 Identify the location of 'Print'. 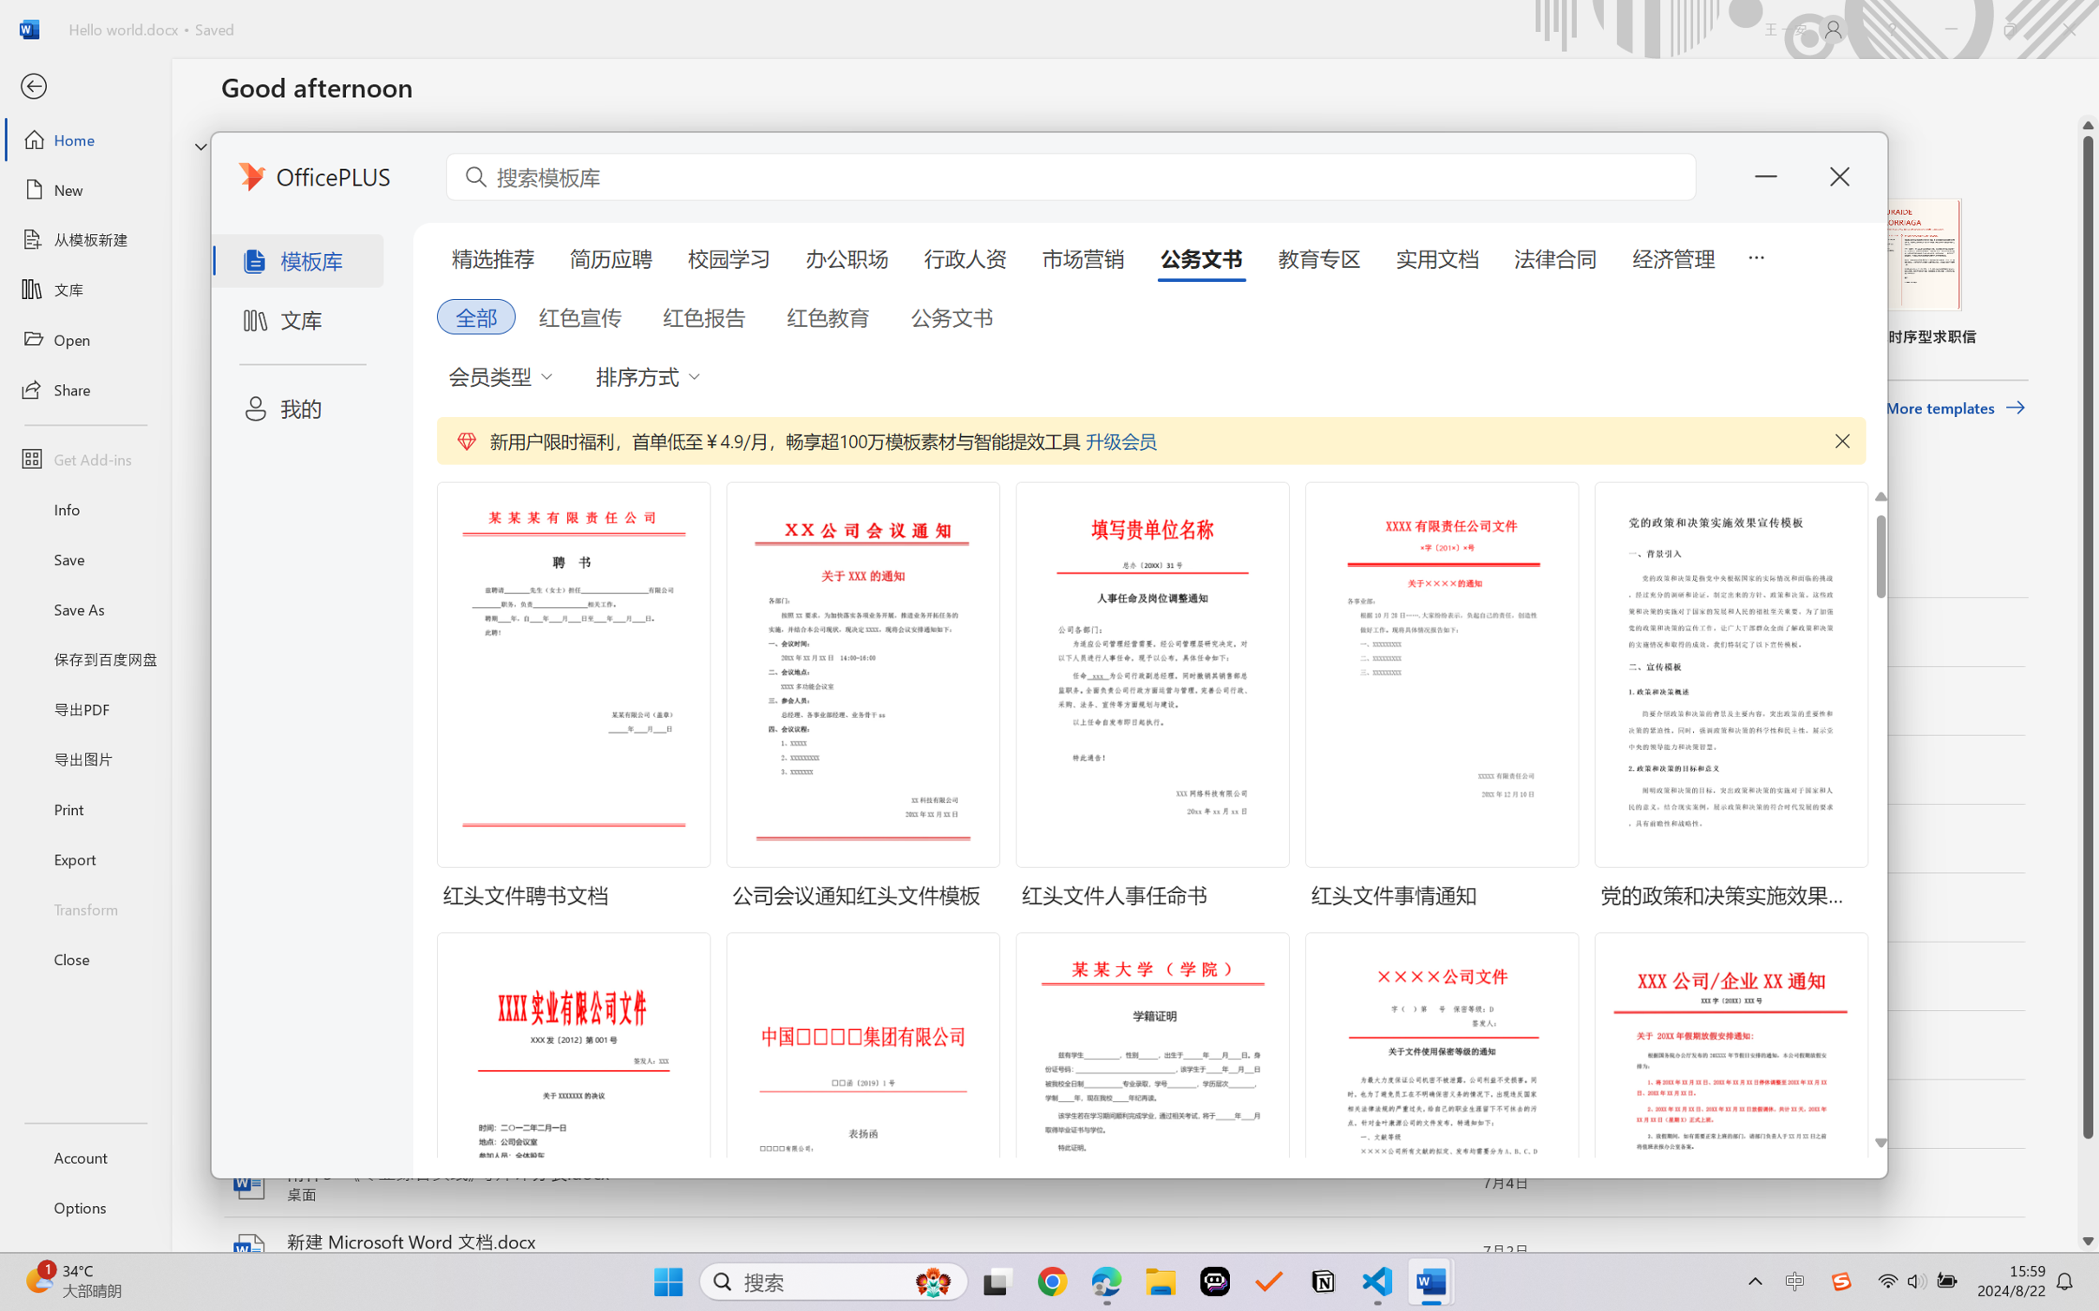
(84, 809).